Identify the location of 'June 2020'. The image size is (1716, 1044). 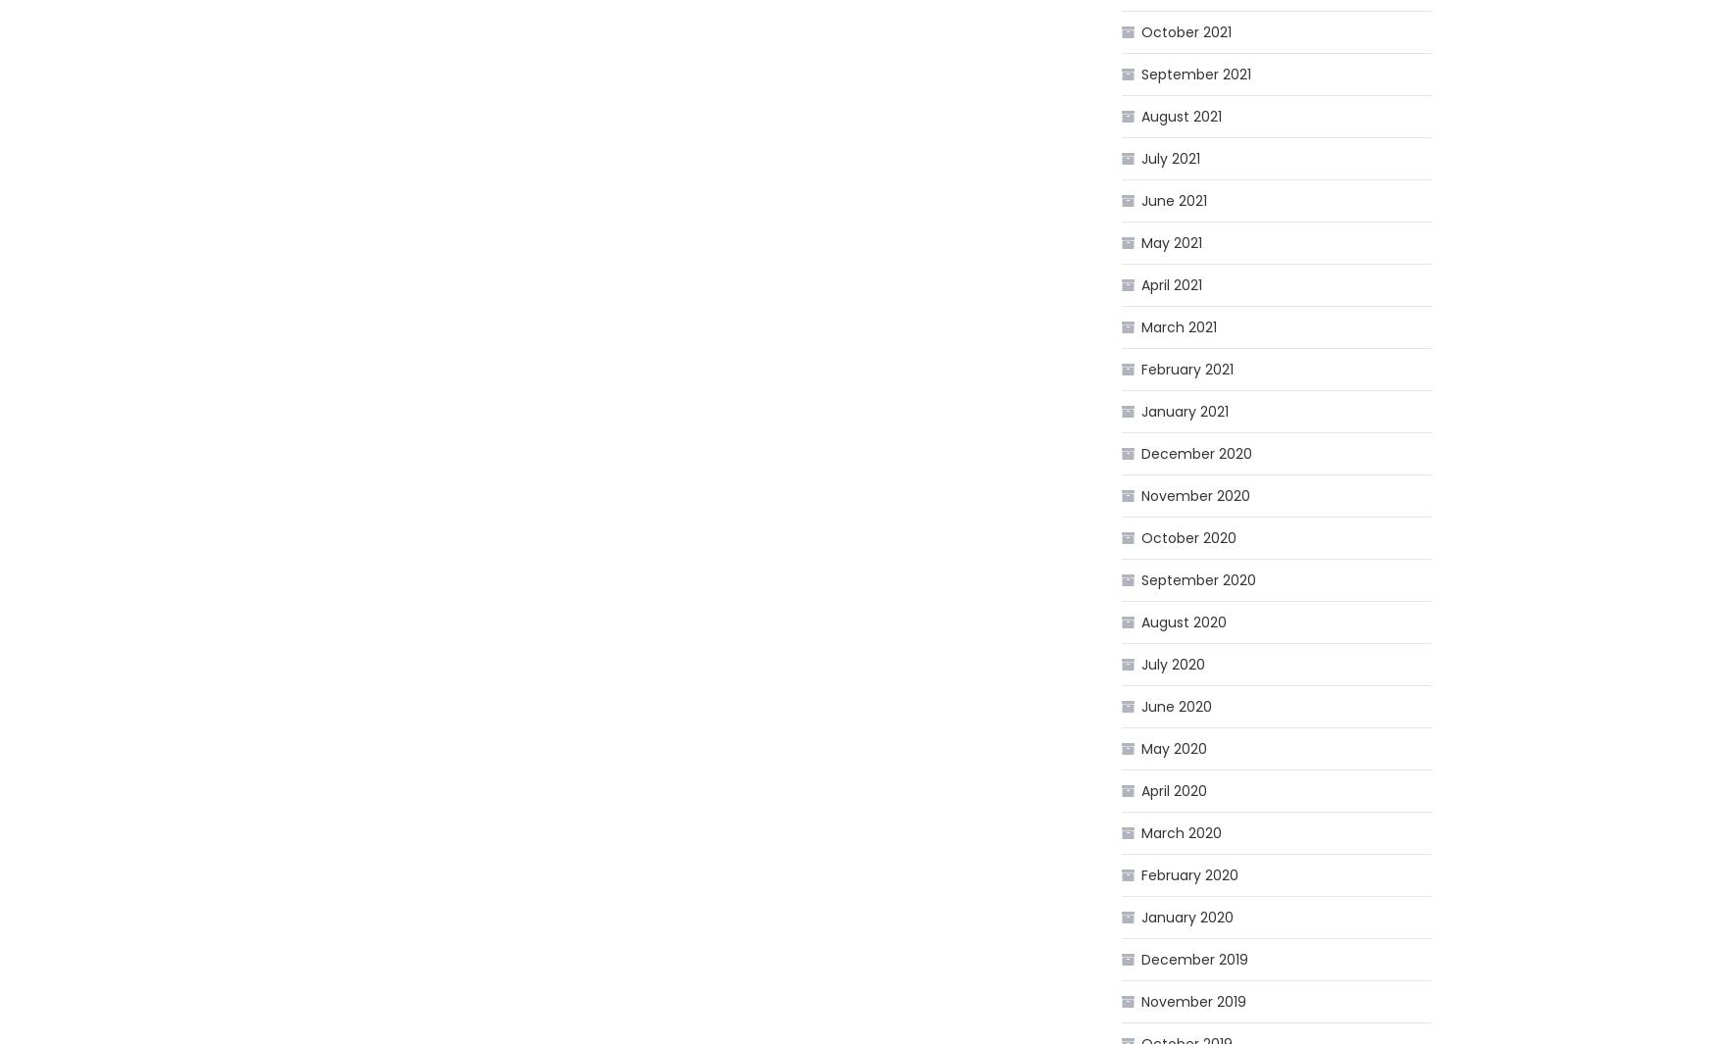
(1139, 707).